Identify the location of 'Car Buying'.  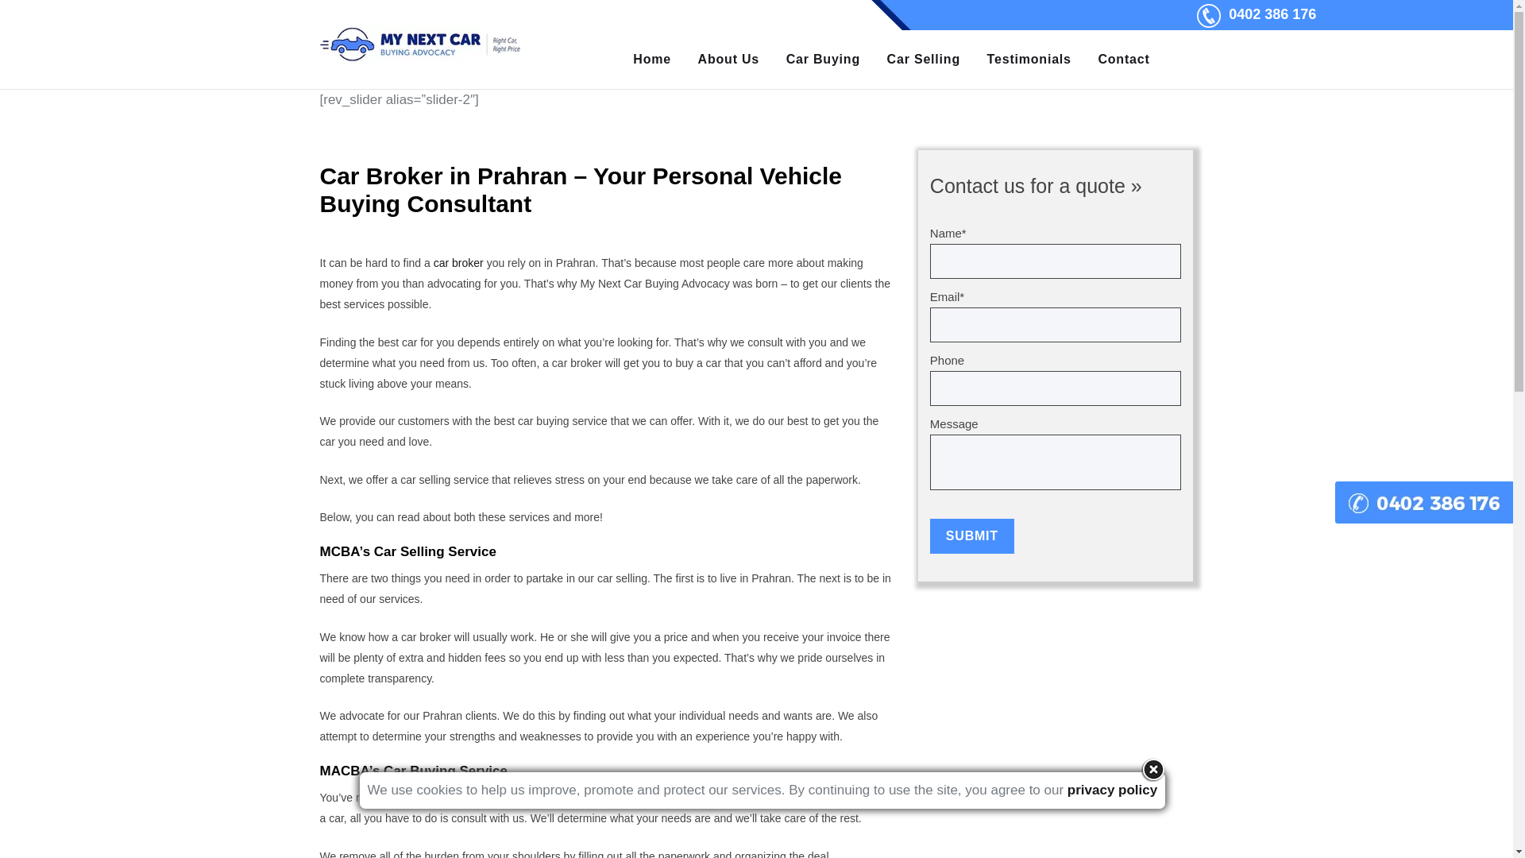
(823, 58).